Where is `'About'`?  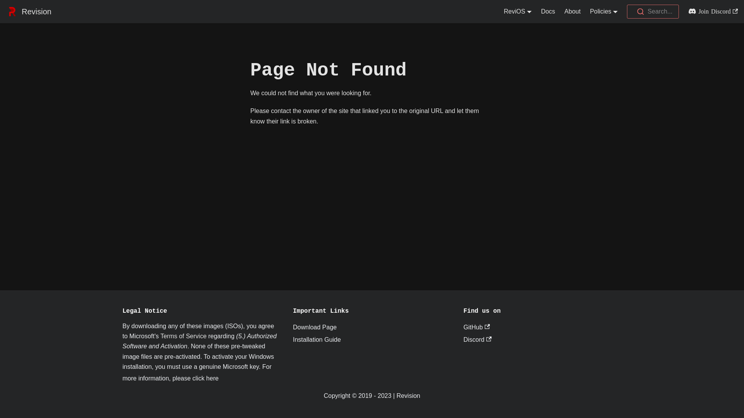 'About' is located at coordinates (573, 12).